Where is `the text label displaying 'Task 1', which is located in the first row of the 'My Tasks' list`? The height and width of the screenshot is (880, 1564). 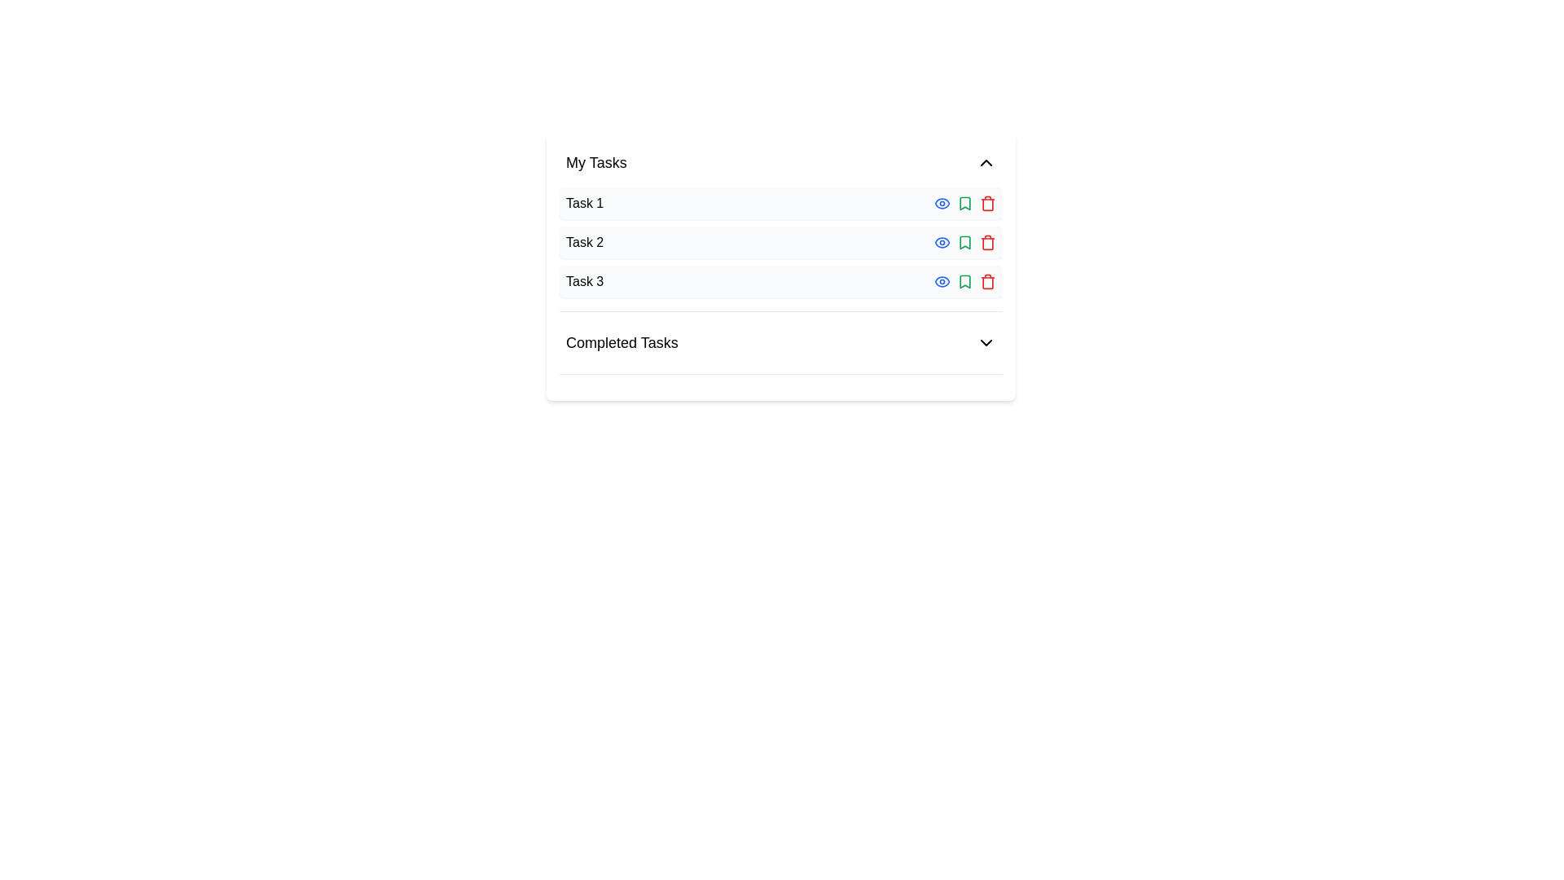 the text label displaying 'Task 1', which is located in the first row of the 'My Tasks' list is located at coordinates (585, 203).